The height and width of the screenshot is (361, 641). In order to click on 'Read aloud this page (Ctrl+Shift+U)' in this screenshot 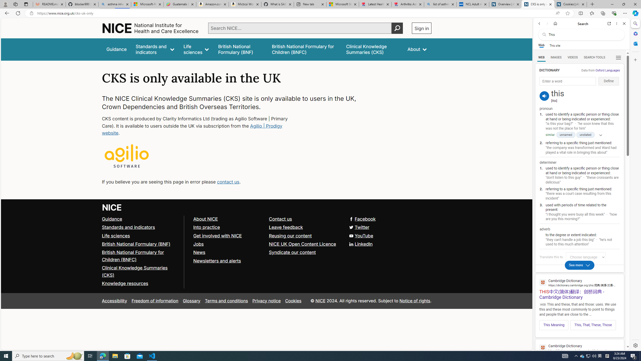, I will do `click(557, 13)`.